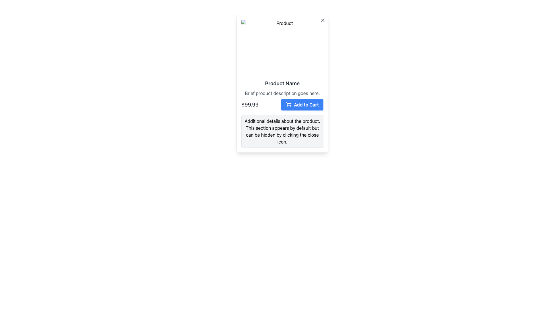 Image resolution: width=551 pixels, height=310 pixels. What do you see at coordinates (282, 93) in the screenshot?
I see `the text component displaying 'Brief product description goes here.' which is styled in muted gray and positioned below the product name and above the pricing section` at bounding box center [282, 93].